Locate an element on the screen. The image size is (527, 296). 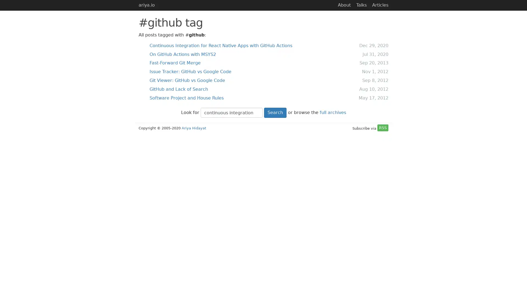
Search is located at coordinates (275, 112).